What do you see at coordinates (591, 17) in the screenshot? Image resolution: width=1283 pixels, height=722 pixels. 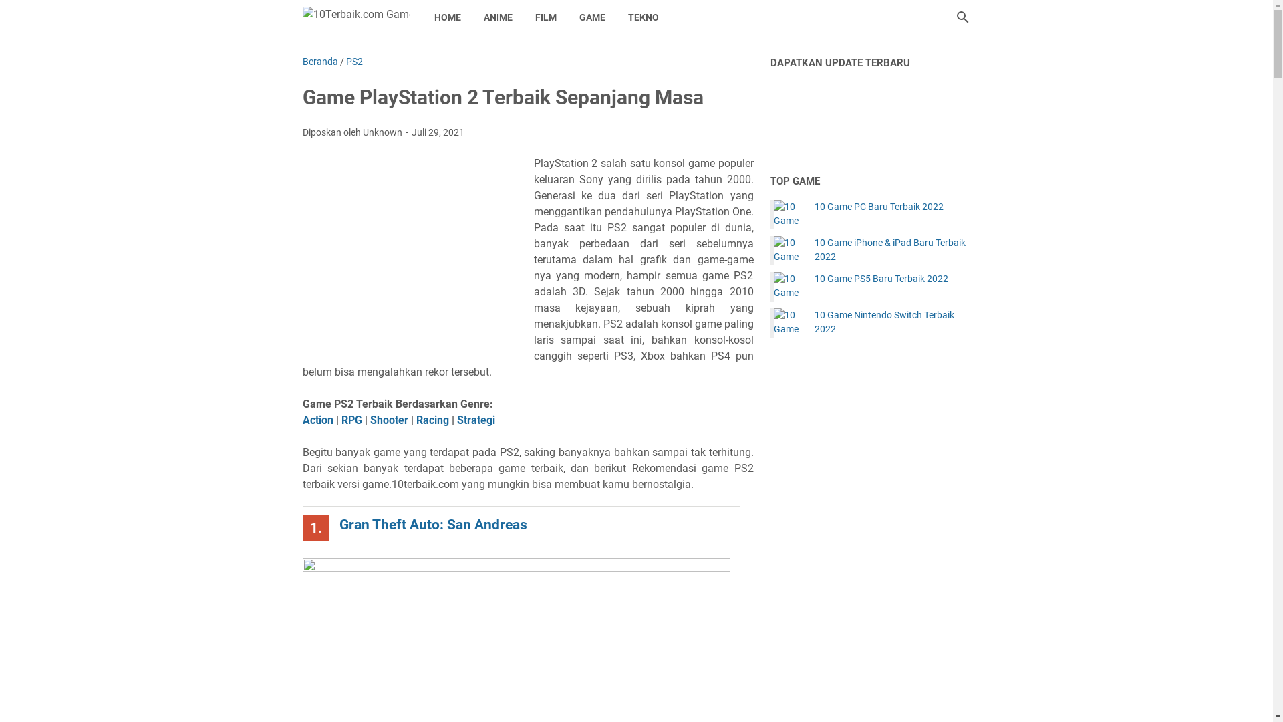 I see `'GAME'` at bounding box center [591, 17].